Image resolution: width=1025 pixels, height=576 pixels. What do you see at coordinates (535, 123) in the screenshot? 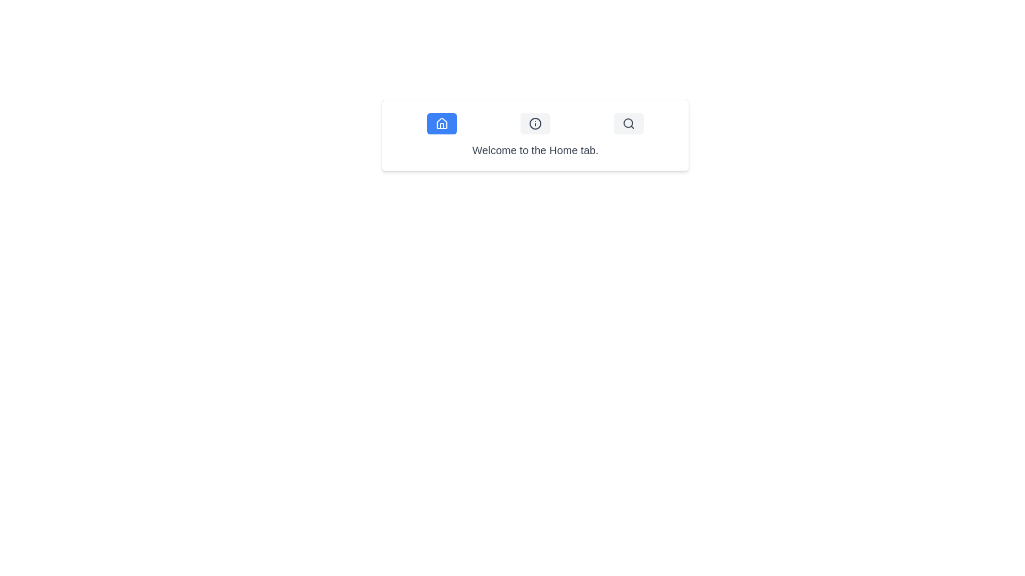
I see `the circular button with a light gray background and a darker gray outline that contains a centered 'i' icon, located between a blue house button and a gray magnifying glass button` at bounding box center [535, 123].